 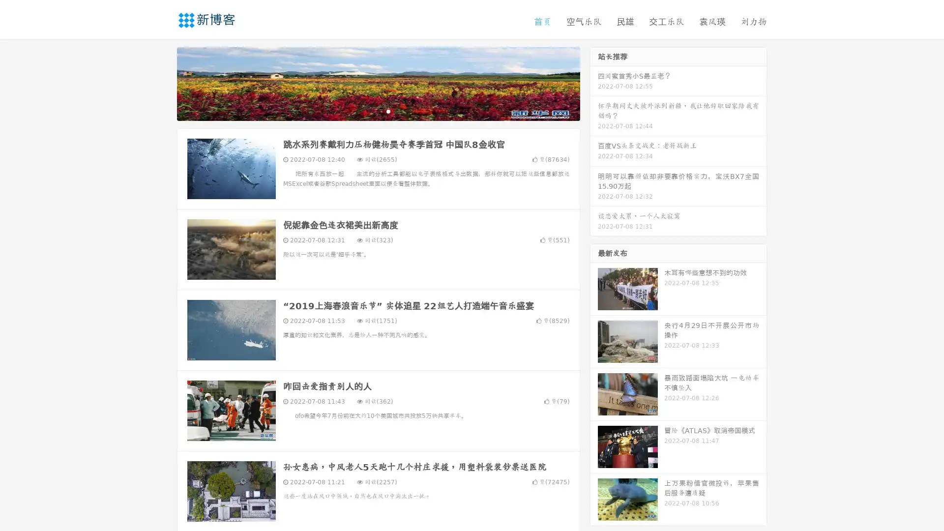 I want to click on Go to slide 2, so click(x=378, y=111).